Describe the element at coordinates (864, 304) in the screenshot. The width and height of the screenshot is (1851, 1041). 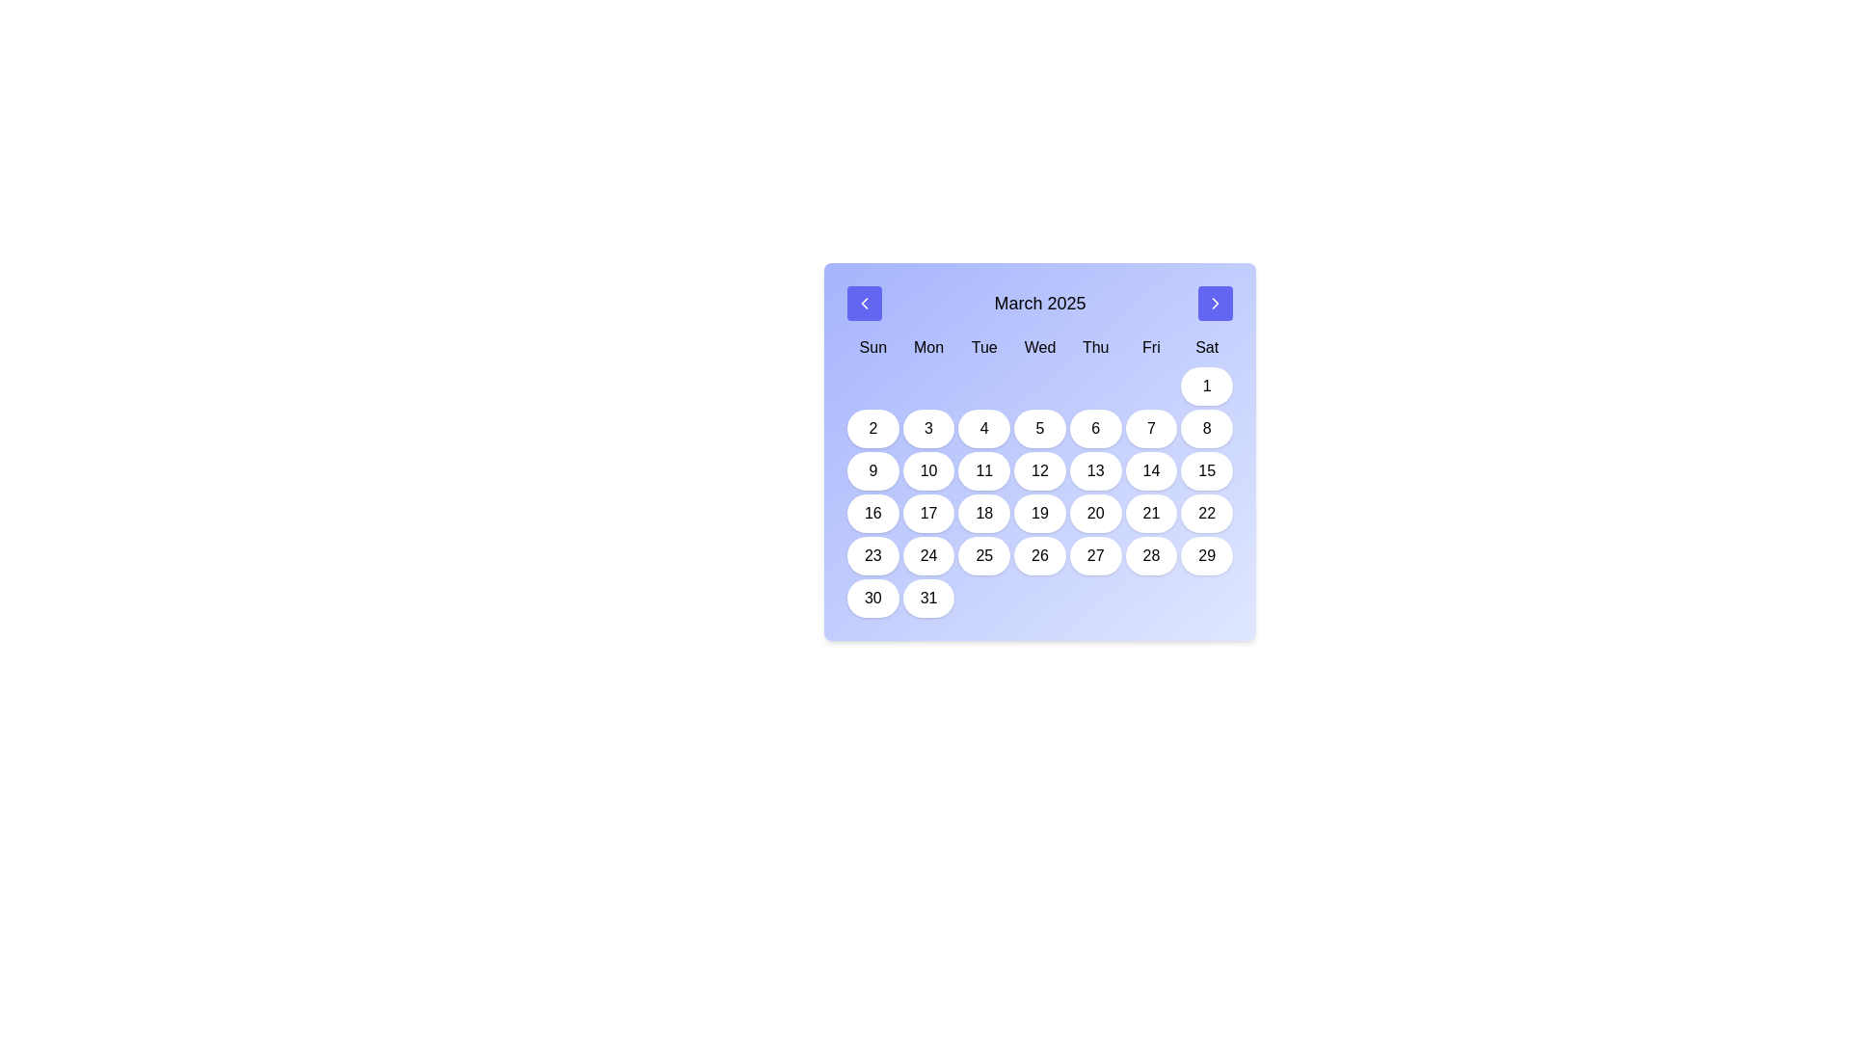
I see `the button located on the left side of the header section of the calendar interface` at that location.